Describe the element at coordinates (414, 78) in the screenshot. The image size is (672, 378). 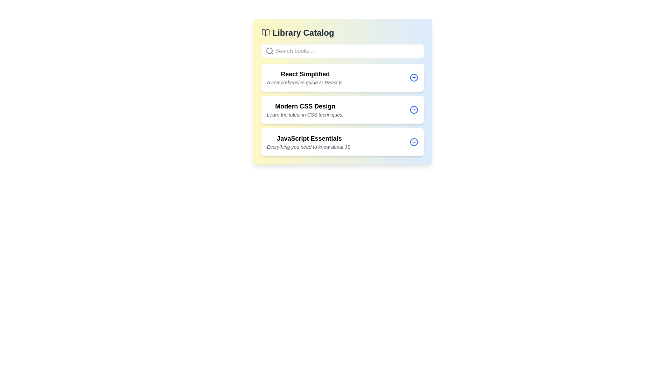
I see `plus icon next to the book titled 'React Simplified'` at that location.